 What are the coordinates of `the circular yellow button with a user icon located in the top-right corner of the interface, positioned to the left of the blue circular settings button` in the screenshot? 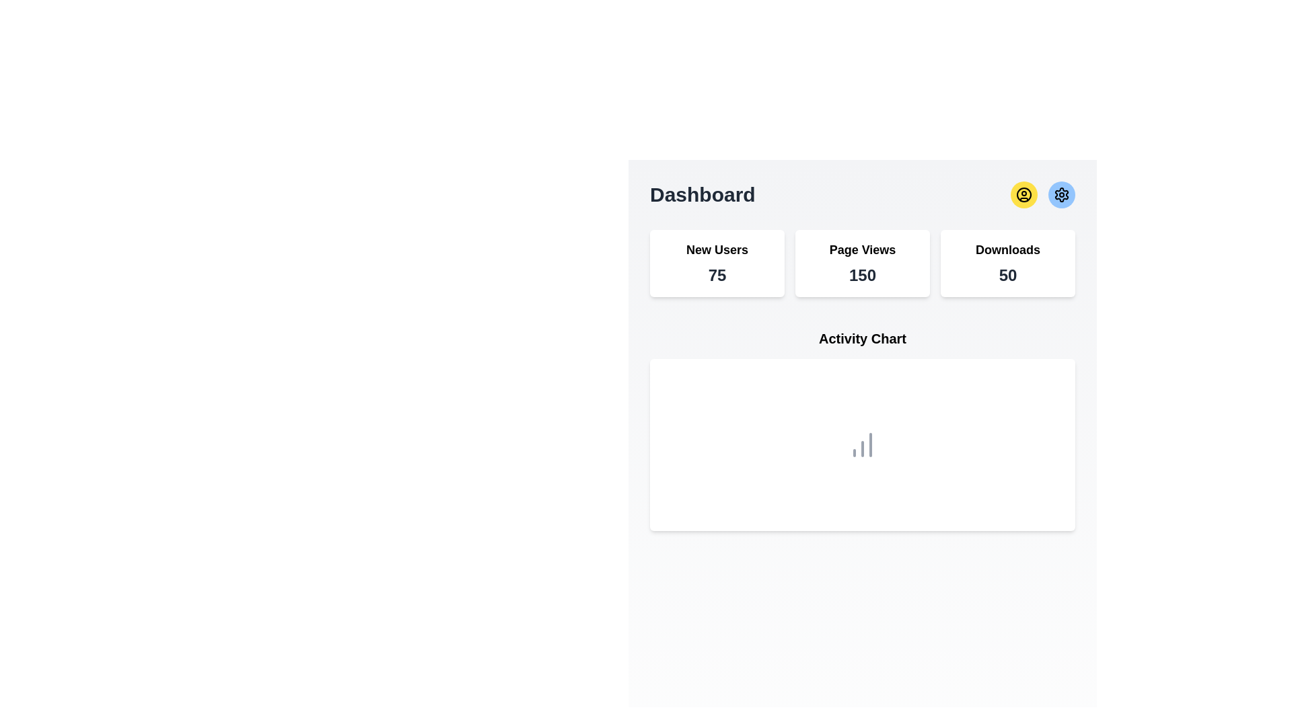 It's located at (1023, 194).